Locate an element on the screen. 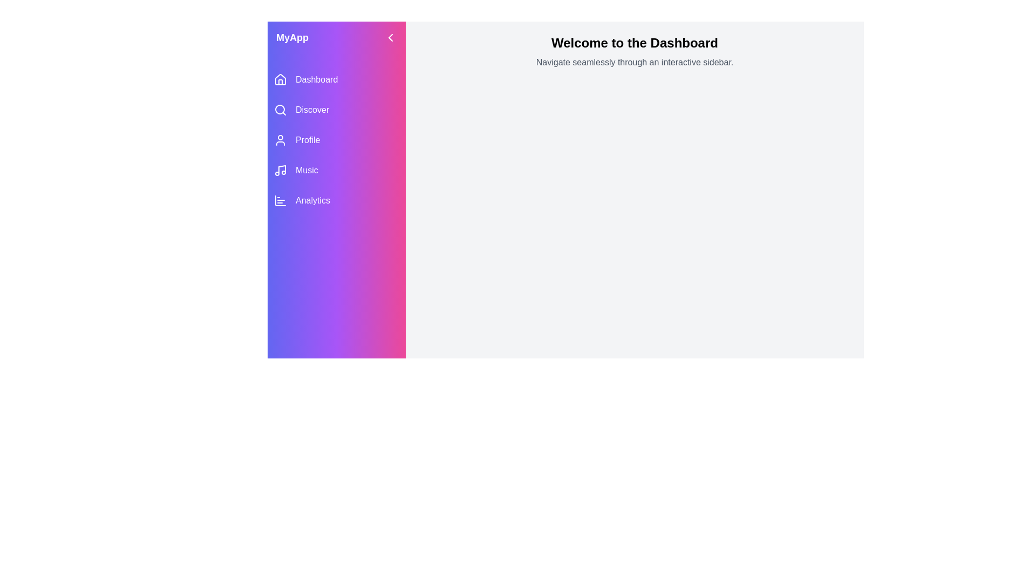 The width and height of the screenshot is (1036, 583). the toggle button in the header of the sidebar to toggle the drawer open or closed is located at coordinates (390, 37).